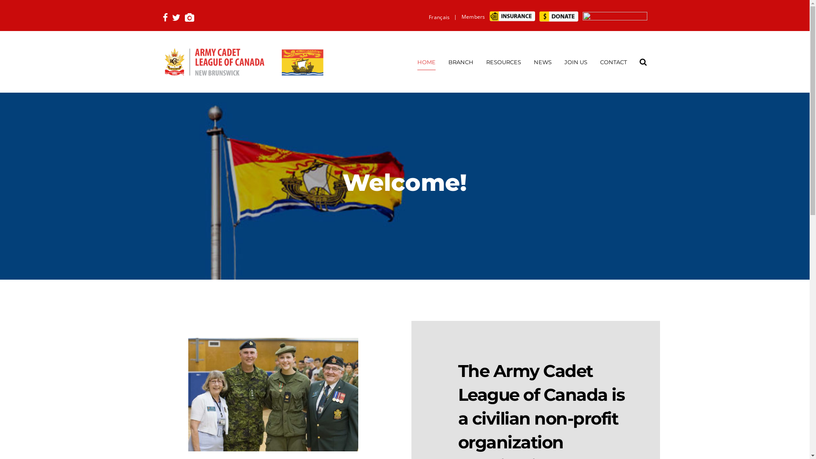  I want to click on 'BRANCH', so click(460, 61).